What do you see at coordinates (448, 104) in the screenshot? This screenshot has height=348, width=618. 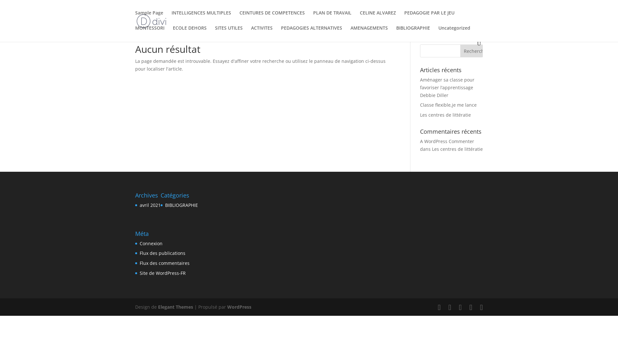 I see `'Classe flexible,je me lance'` at bounding box center [448, 104].